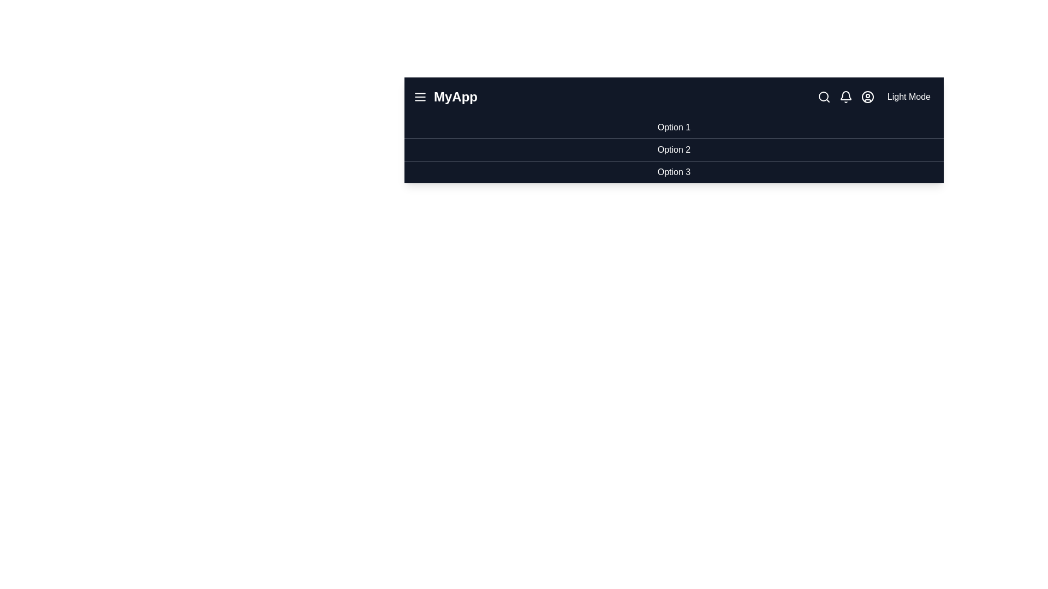  Describe the element at coordinates (824, 96) in the screenshot. I see `the search icon to initiate a search` at that location.